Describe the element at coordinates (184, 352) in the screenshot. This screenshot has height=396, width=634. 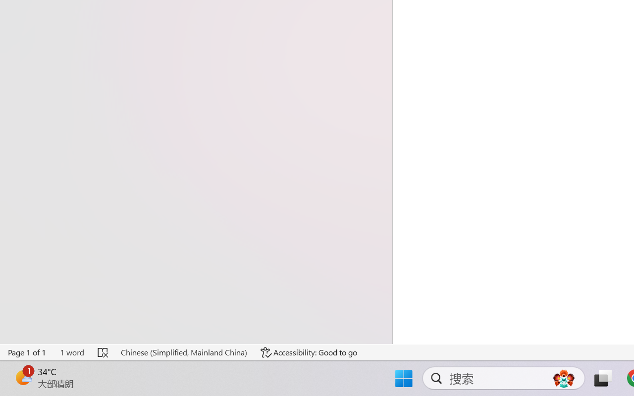
I see `'Language Chinese (Simplified, Mainland China)'` at that location.